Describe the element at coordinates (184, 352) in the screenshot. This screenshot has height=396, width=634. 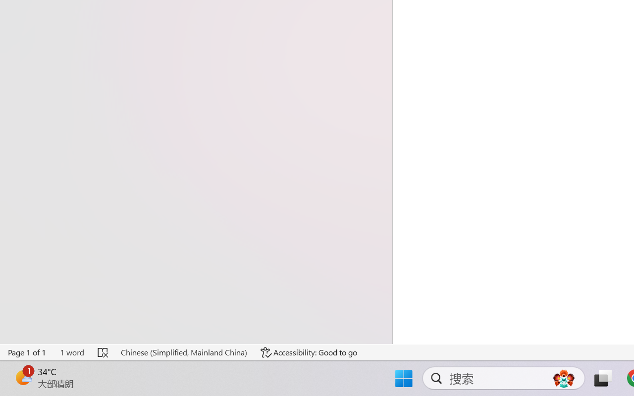
I see `'Language Chinese (Simplified, Mainland China)'` at that location.